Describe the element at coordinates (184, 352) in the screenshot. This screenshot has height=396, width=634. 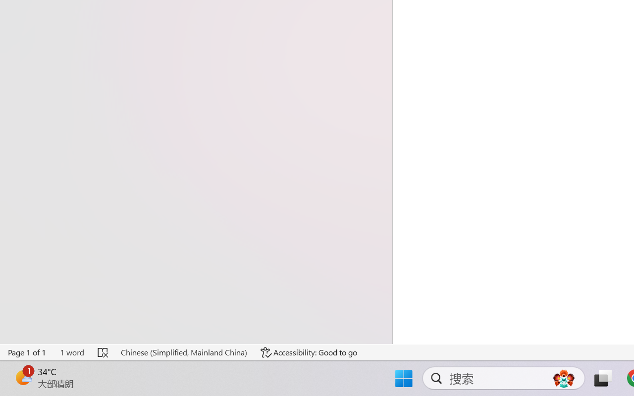
I see `'Language Chinese (Simplified, Mainland China)'` at that location.